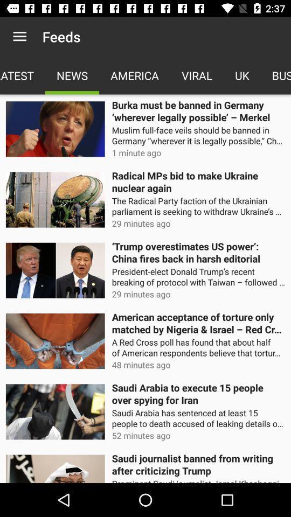  Describe the element at coordinates (275, 75) in the screenshot. I see `the icon above the burka must be icon` at that location.